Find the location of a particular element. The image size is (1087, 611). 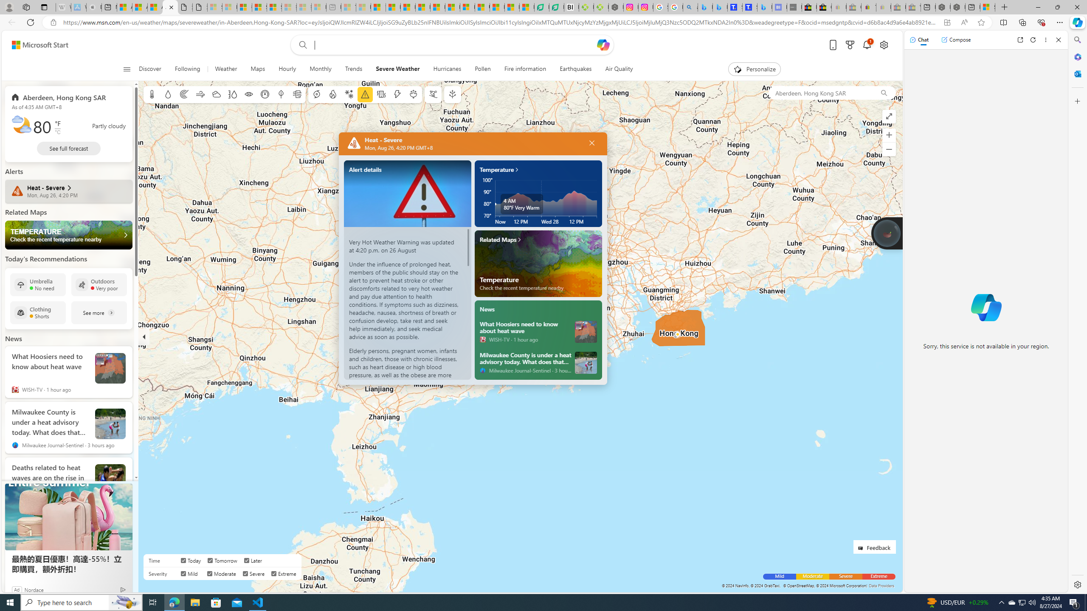

'Zoom in' is located at coordinates (889, 135).